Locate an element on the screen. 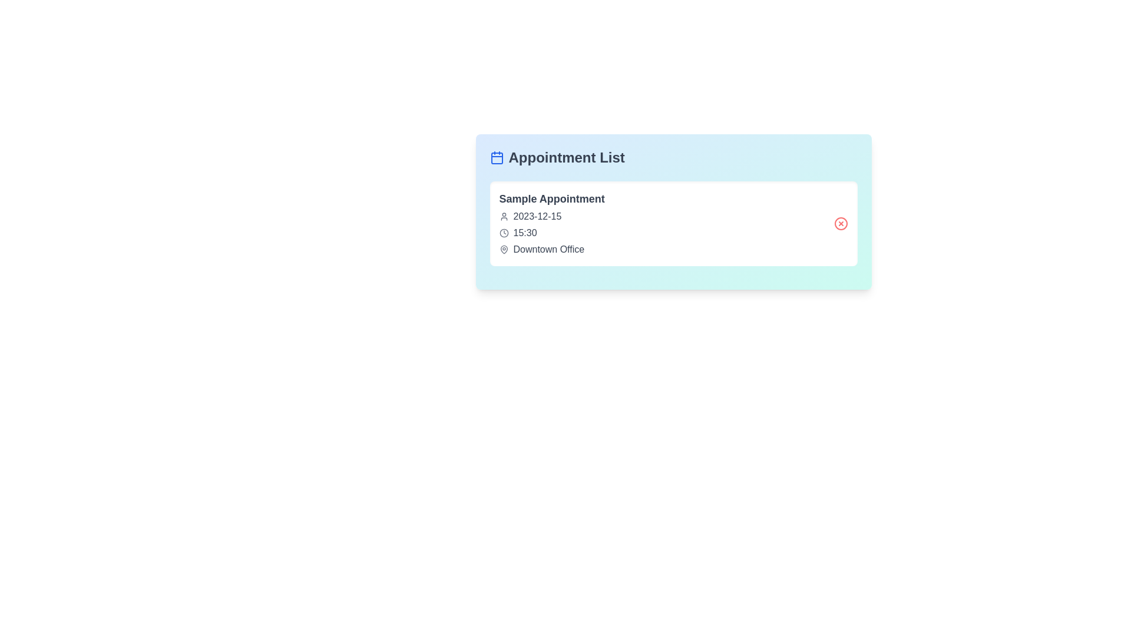  the outermost circular shape of the clock icon, which represents the clock face's border is located at coordinates (504, 233).